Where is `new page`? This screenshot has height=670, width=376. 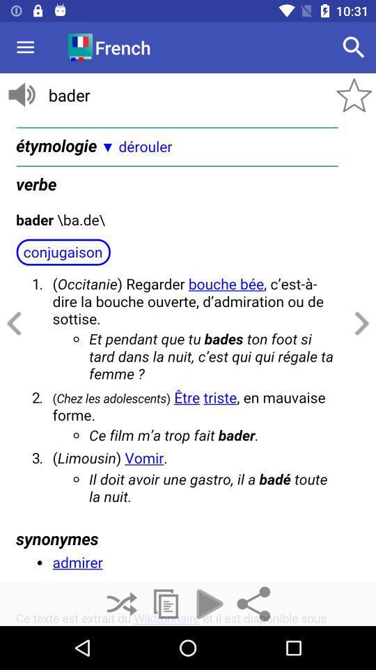 new page is located at coordinates (166, 603).